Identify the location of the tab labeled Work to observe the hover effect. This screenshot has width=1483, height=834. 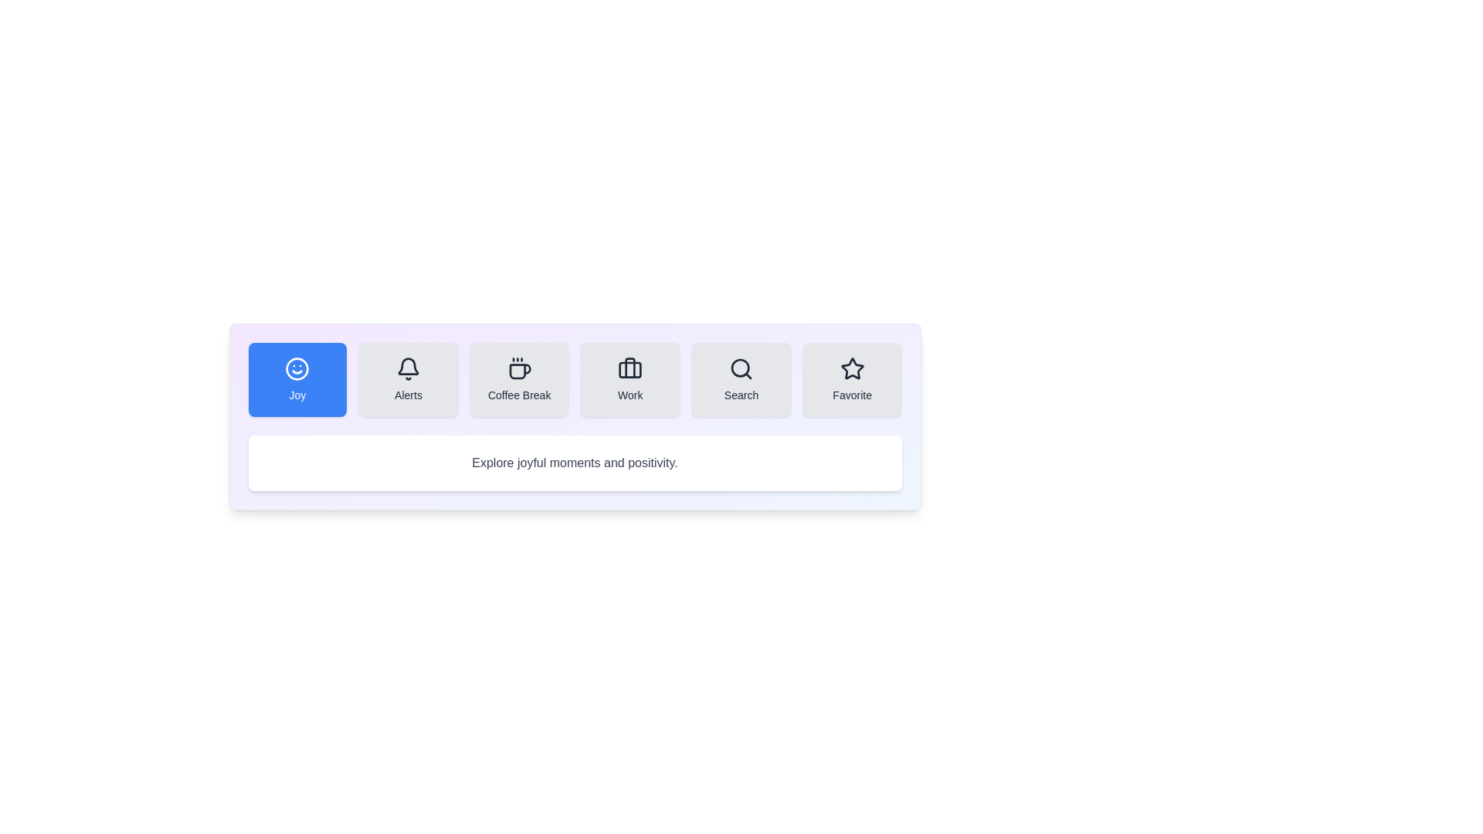
(630, 380).